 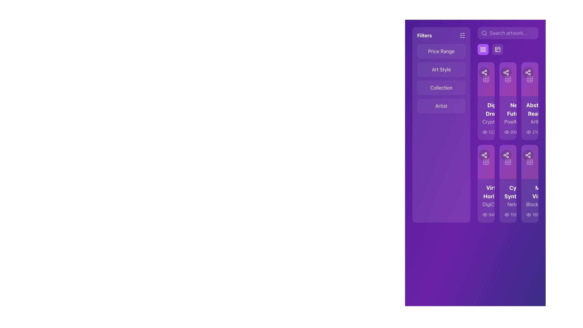 What do you see at coordinates (544, 214) in the screenshot?
I see `the heart-shaped icon located towards the bottom of the last column in the grid to like the corresponding item` at bounding box center [544, 214].